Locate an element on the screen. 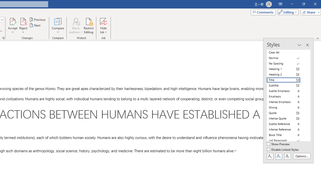 This screenshot has width=321, height=180. 'Reject' is located at coordinates (23, 26).